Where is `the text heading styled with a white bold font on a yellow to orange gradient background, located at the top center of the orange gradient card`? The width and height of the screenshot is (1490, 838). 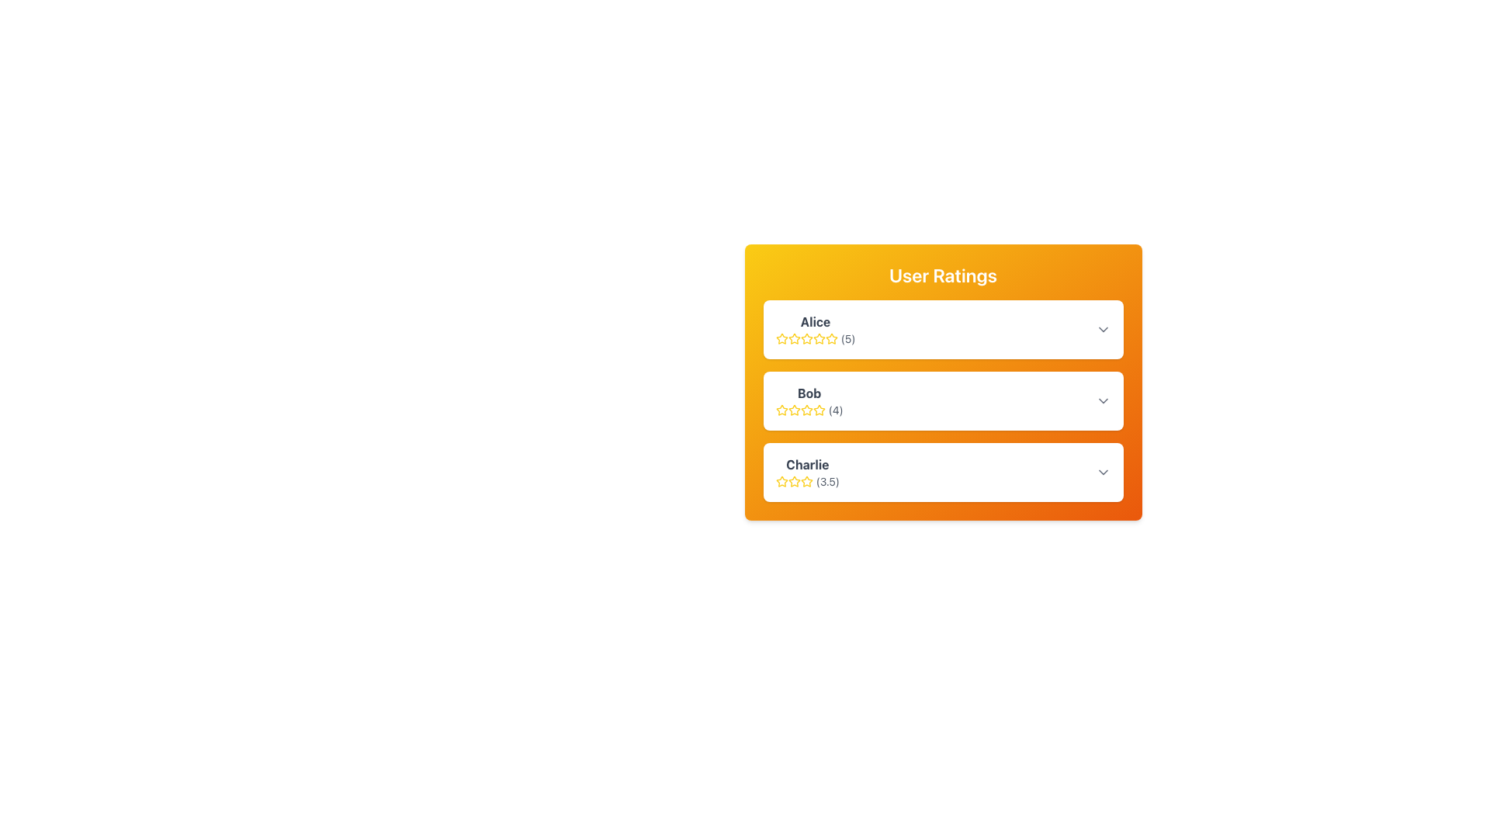
the text heading styled with a white bold font on a yellow to orange gradient background, located at the top center of the orange gradient card is located at coordinates (942, 274).